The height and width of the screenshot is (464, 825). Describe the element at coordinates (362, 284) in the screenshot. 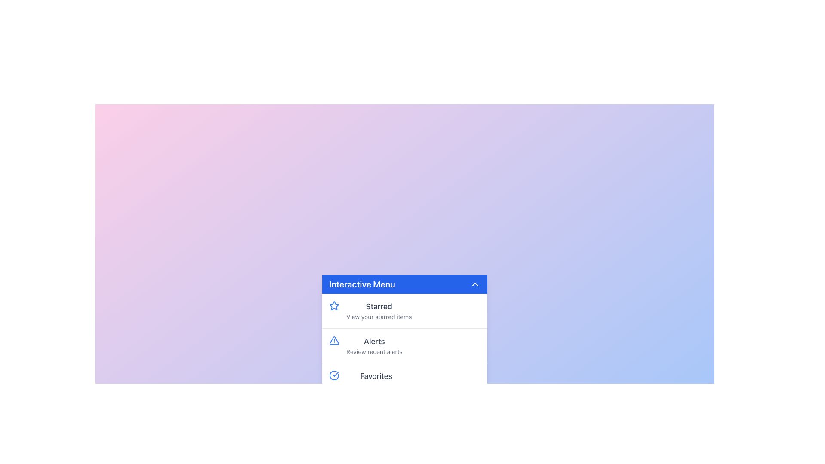

I see `the Text Label that serves as a title for the menu panel, positioned in the upper-left part of a blue bar at the top of the drop-down menu` at that location.